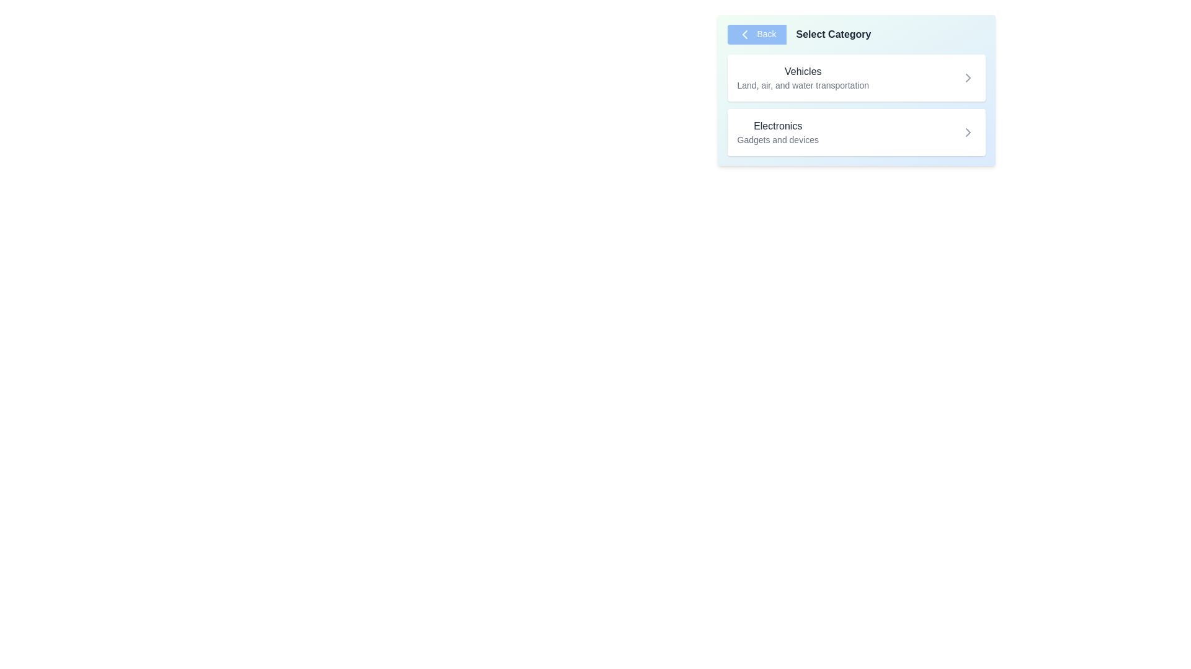 The height and width of the screenshot is (669, 1191). Describe the element at coordinates (855, 34) in the screenshot. I see `title in the navigation header to understand the current section indicated by the 'Select Category' label` at that location.